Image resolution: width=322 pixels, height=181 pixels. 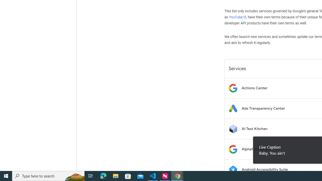 I want to click on 'Logo for Actions Center', so click(x=233, y=88).